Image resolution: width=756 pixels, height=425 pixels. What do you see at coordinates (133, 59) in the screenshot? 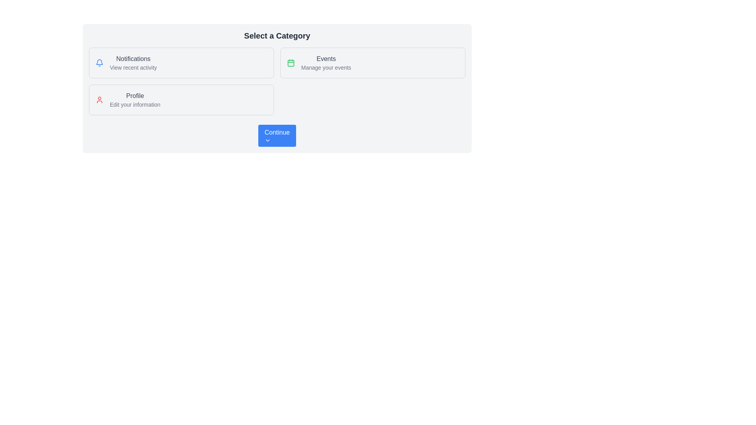
I see `the static text label containing the word 'Notifications', which is styled with a medium font weight and gray color, located in the upper-left quadrant of the interface` at bounding box center [133, 59].